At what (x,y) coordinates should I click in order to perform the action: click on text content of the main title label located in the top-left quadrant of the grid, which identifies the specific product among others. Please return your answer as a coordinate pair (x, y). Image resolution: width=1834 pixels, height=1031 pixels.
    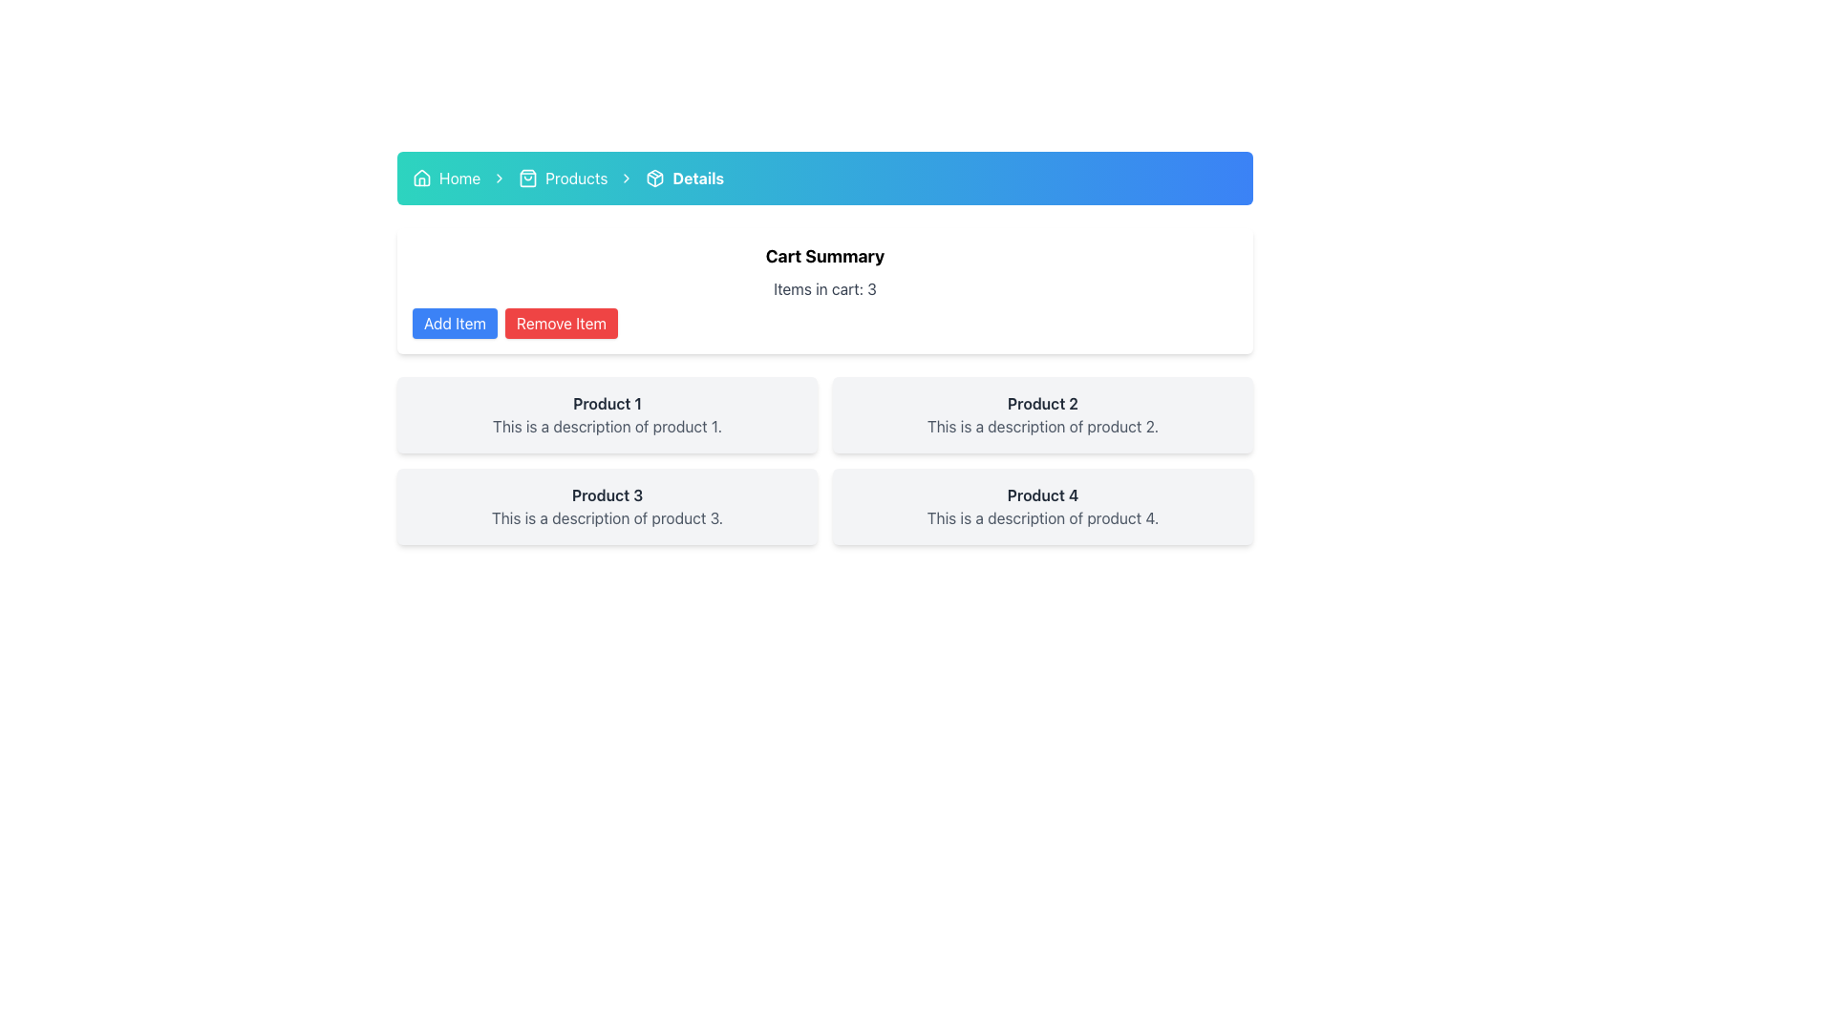
    Looking at the image, I should click on (606, 403).